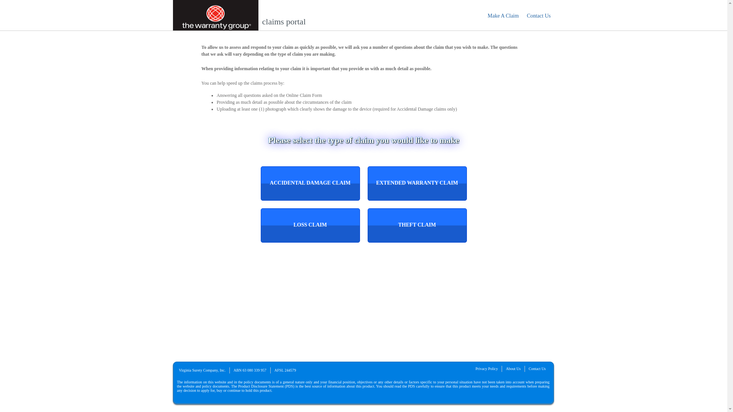 This screenshot has width=733, height=412. Describe the element at coordinates (503, 16) in the screenshot. I see `'Make A Claim'` at that location.